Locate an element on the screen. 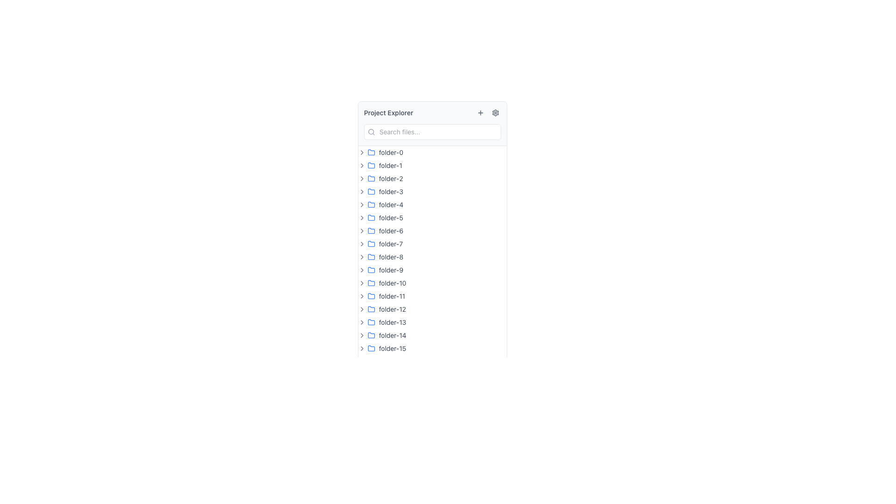 The height and width of the screenshot is (504, 896). the Circle shape within the SVG that is part of the search icon, located at the top left side of the search bar is located at coordinates (371, 132).